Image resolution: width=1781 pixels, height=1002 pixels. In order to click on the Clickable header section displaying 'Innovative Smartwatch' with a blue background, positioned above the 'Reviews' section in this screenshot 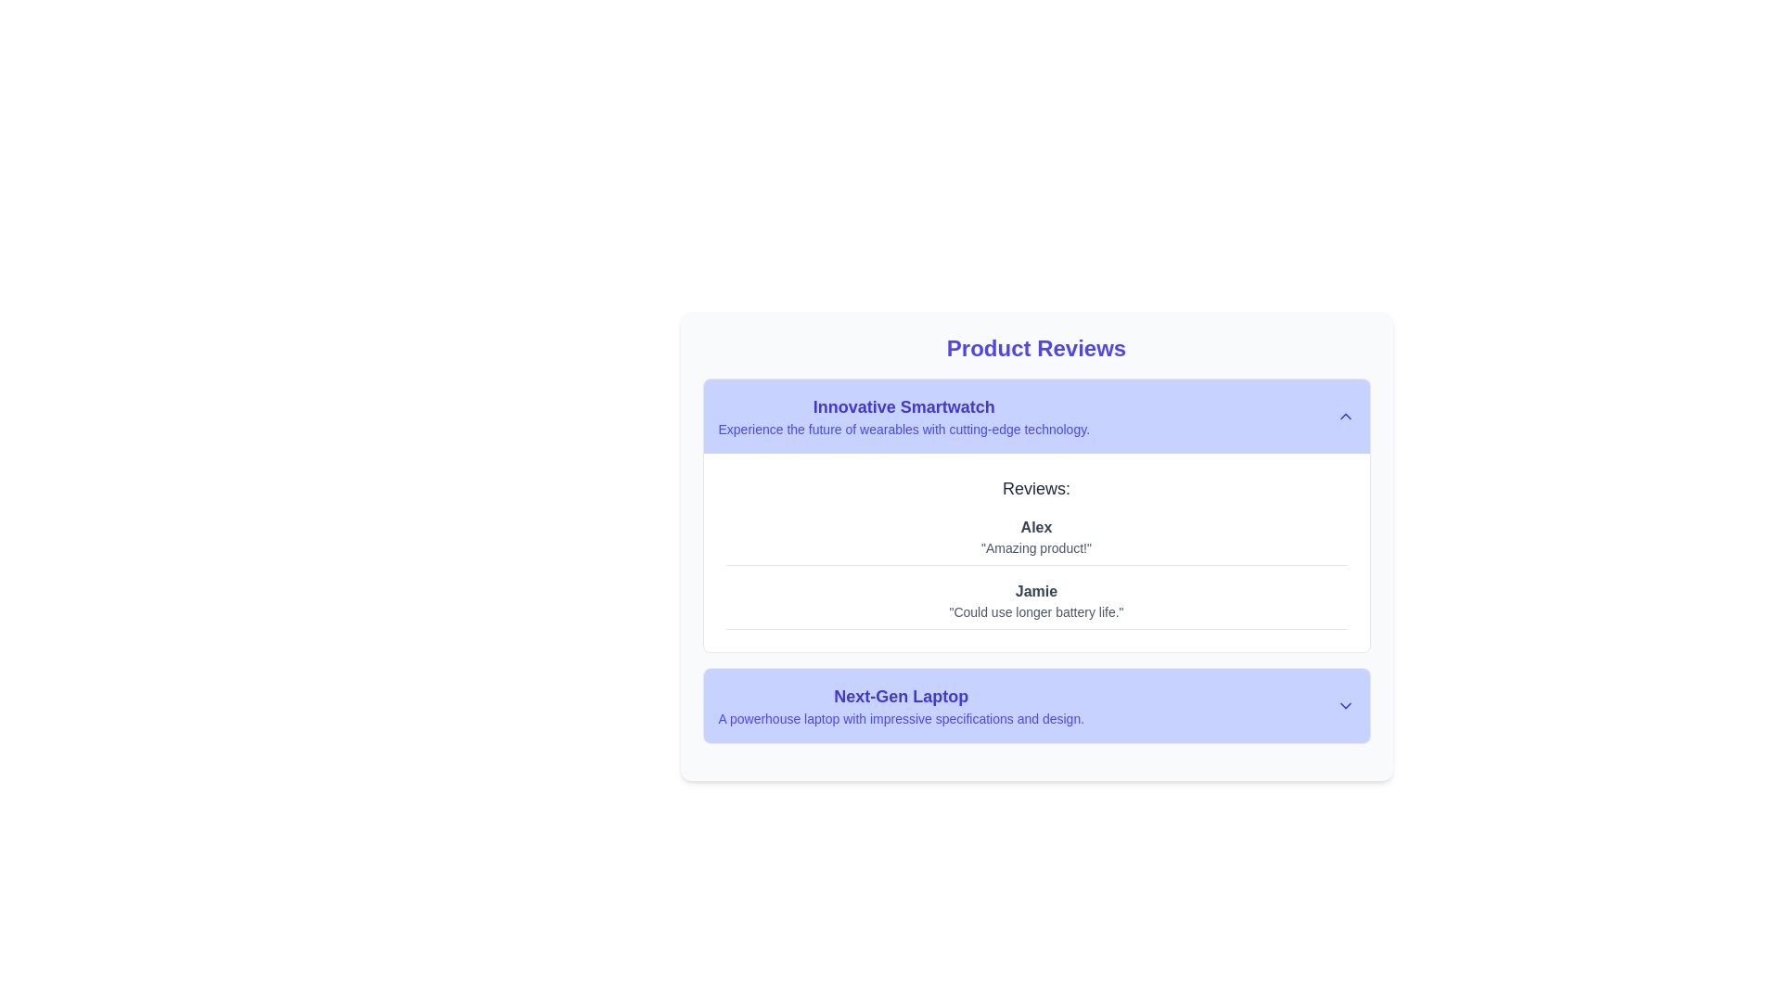, I will do `click(1035, 415)`.